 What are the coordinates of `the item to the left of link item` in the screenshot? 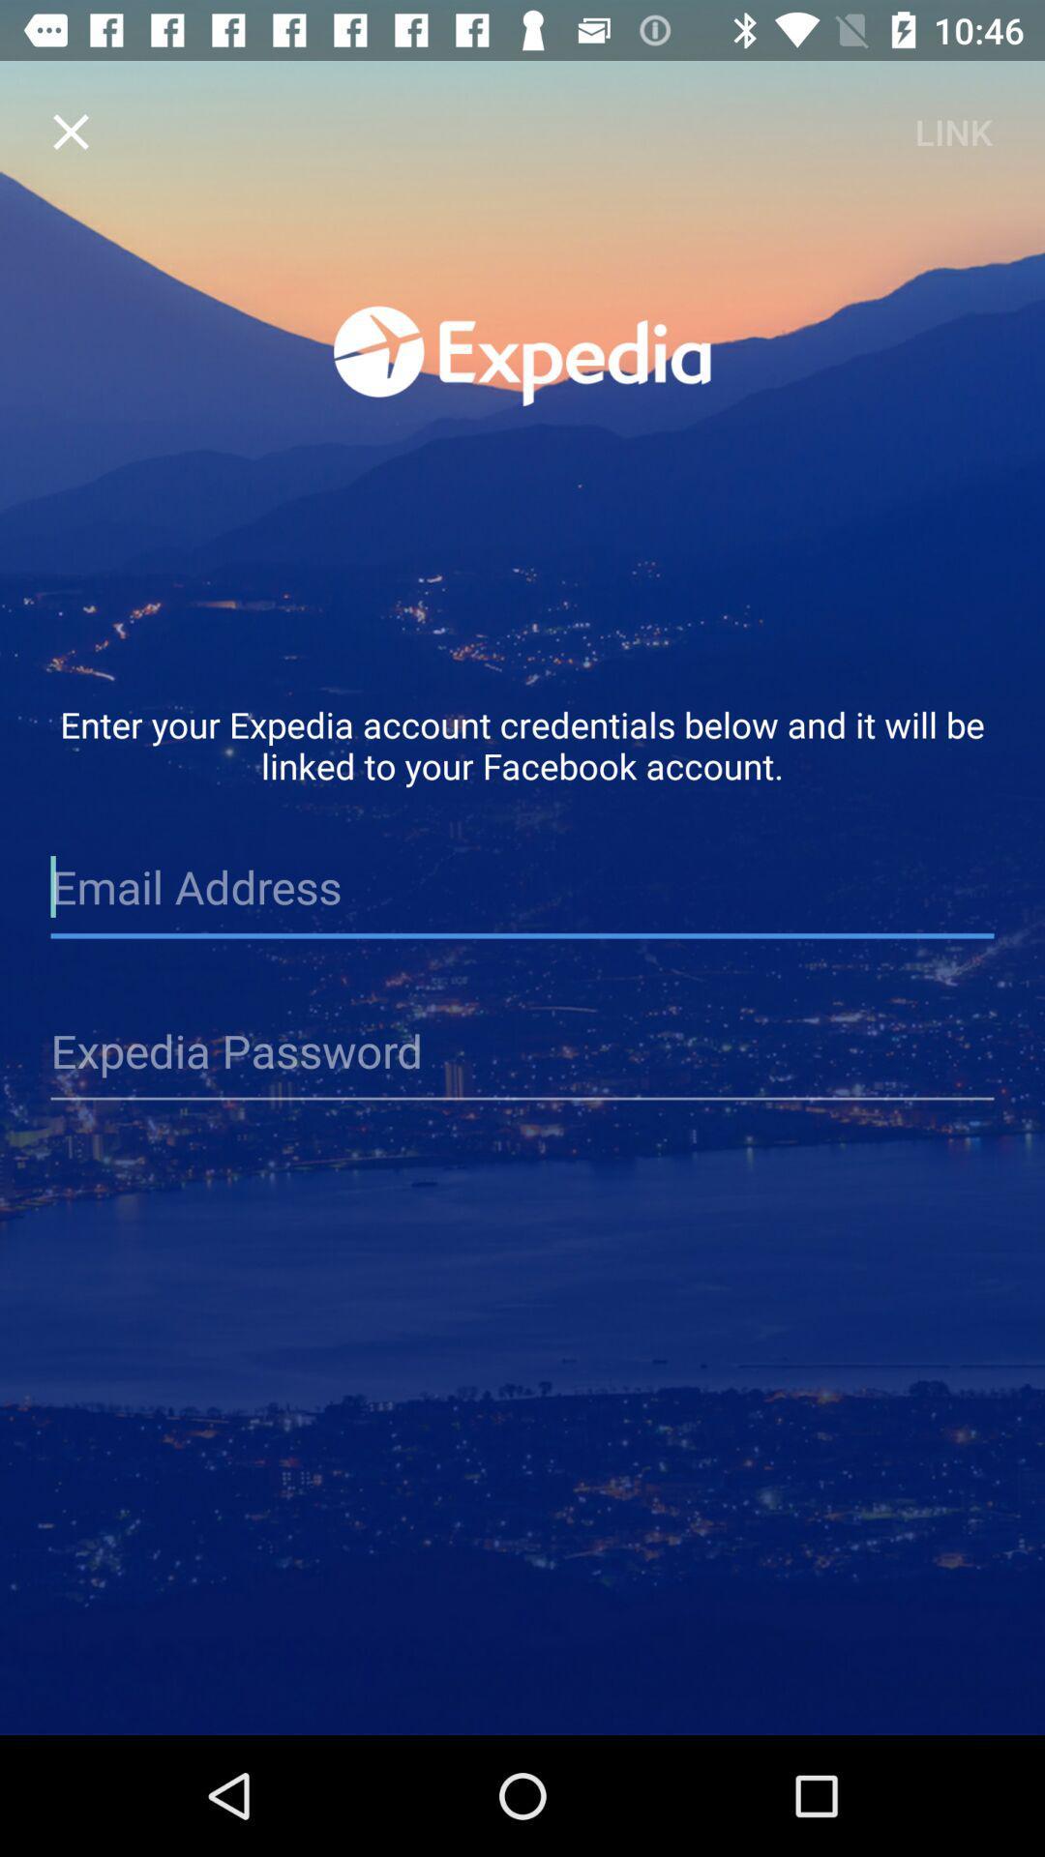 It's located at (70, 131).